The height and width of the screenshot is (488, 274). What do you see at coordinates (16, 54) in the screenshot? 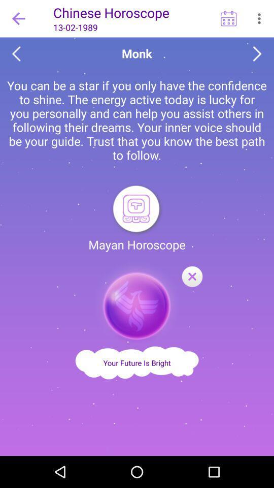
I see `back the option` at bounding box center [16, 54].